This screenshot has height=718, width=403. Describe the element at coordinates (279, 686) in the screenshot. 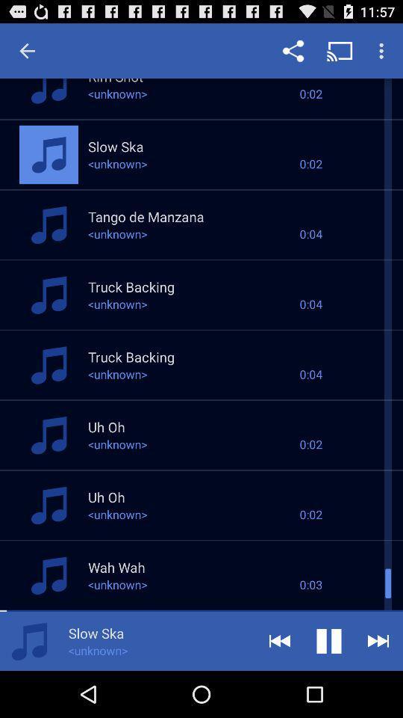

I see `the av_rewind icon` at that location.